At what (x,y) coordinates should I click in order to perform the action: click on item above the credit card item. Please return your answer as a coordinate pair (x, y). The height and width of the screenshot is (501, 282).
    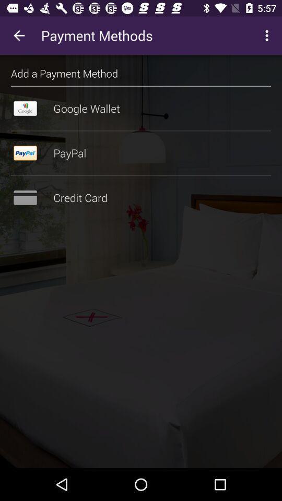
    Looking at the image, I should click on (141, 175).